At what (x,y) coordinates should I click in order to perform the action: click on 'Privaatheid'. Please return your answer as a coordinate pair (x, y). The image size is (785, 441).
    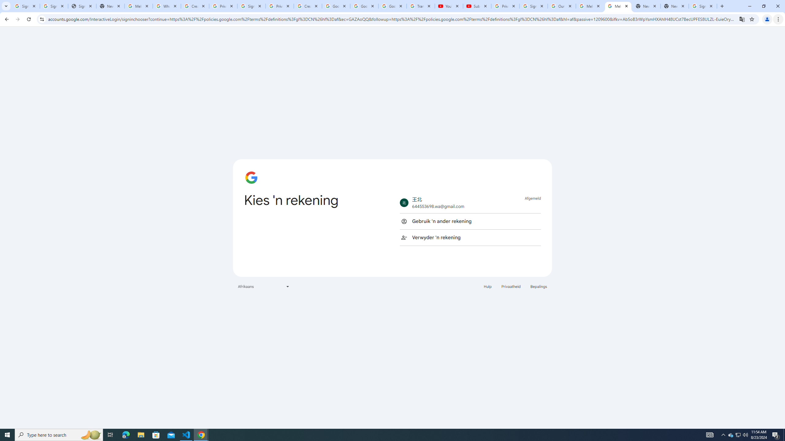
    Looking at the image, I should click on (511, 286).